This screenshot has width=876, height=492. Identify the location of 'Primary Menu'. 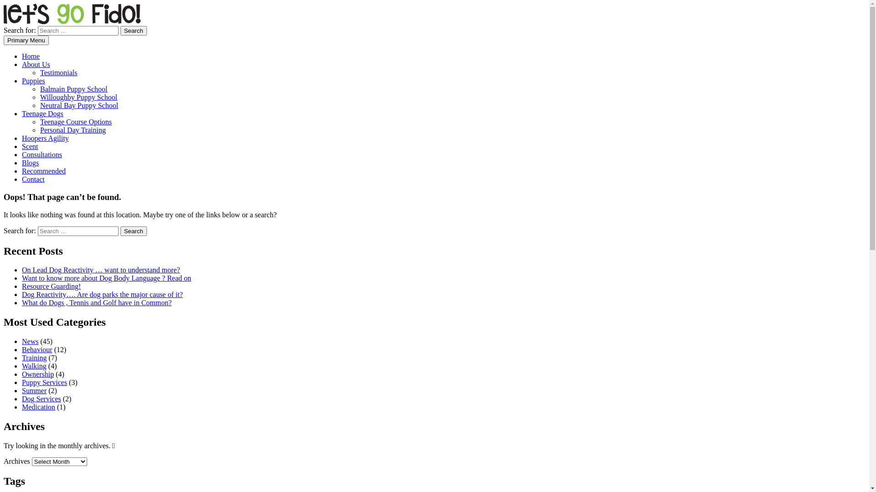
(26, 40).